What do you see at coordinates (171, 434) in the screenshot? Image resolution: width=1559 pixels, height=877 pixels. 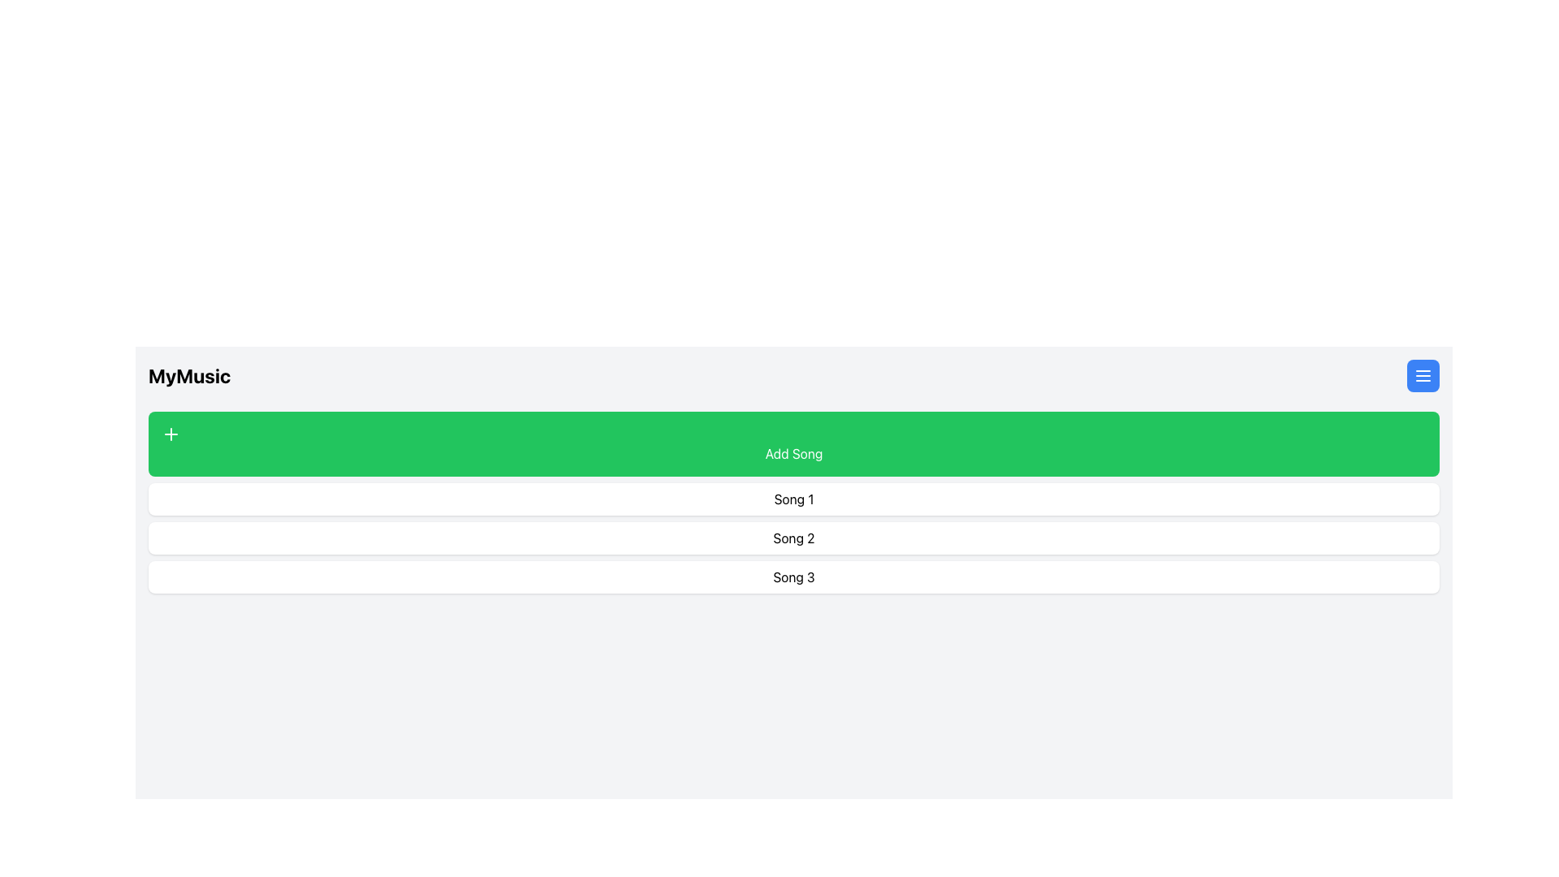 I see `the small plus sign icon located on the left side of the green 'Add Song' button` at bounding box center [171, 434].